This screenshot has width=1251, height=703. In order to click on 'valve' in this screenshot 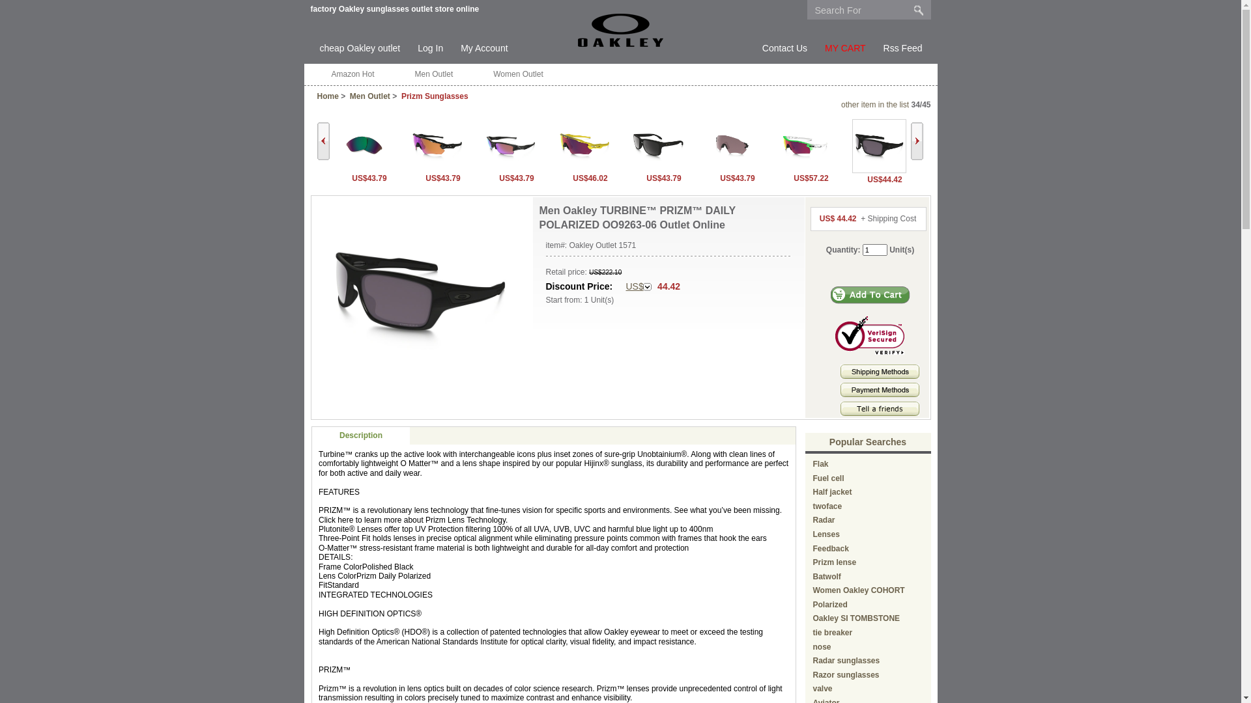, I will do `click(822, 687)`.